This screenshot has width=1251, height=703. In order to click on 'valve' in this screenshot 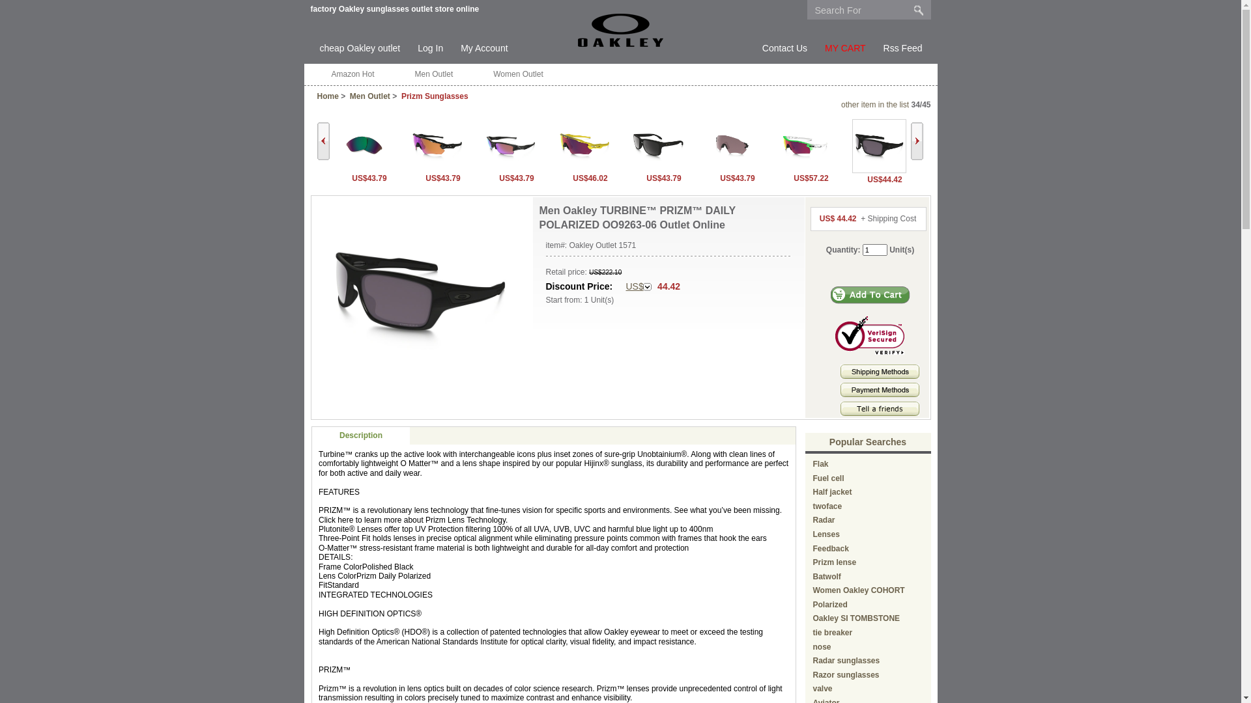, I will do `click(822, 687)`.